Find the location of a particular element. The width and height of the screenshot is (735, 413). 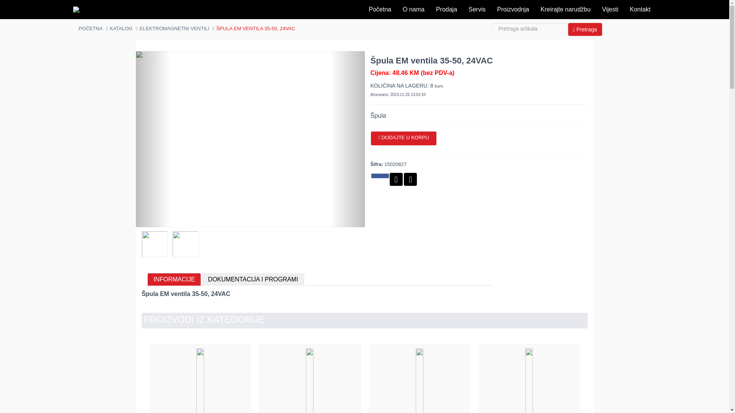

'DODAJTE U KORPU' is located at coordinates (403, 138).